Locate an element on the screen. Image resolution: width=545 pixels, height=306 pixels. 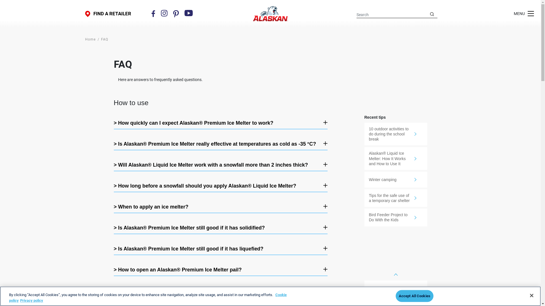
'Privacy policy' is located at coordinates (31, 300).